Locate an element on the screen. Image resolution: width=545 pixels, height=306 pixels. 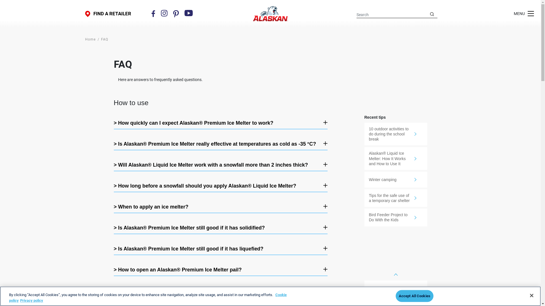
'Privacy policy' is located at coordinates (31, 300).